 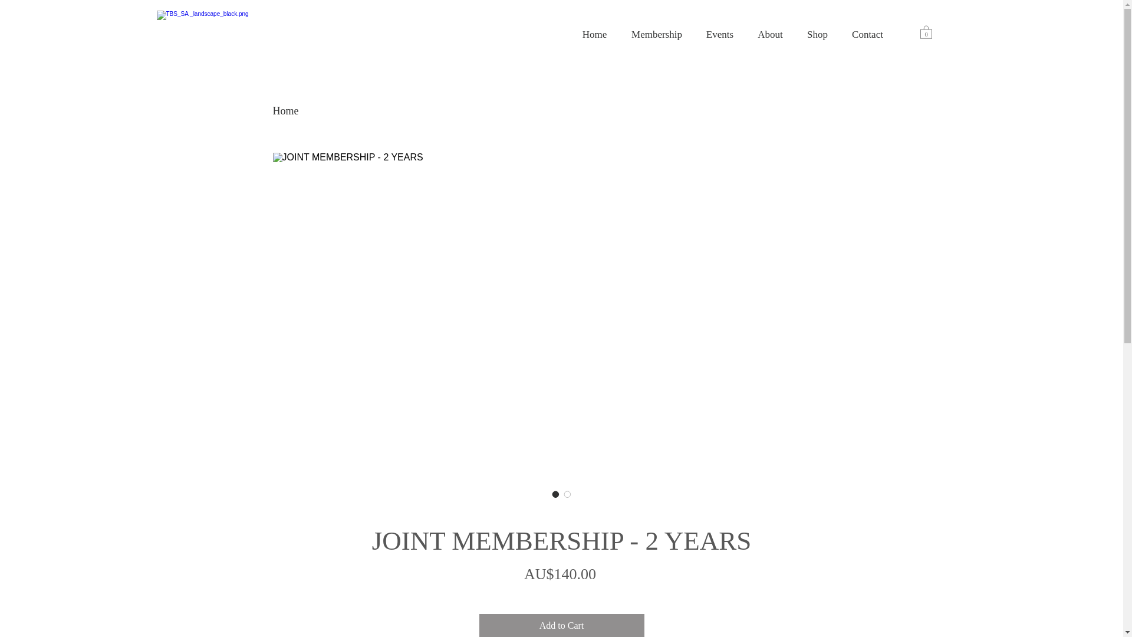 I want to click on '0', so click(x=924, y=31).